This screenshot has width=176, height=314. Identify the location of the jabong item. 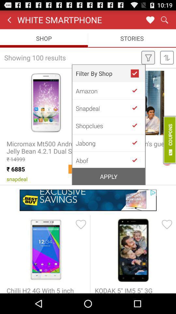
(103, 143).